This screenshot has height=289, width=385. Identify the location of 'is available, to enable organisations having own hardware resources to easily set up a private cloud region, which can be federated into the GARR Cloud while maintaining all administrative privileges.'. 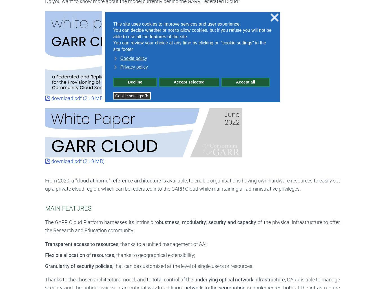
(193, 184).